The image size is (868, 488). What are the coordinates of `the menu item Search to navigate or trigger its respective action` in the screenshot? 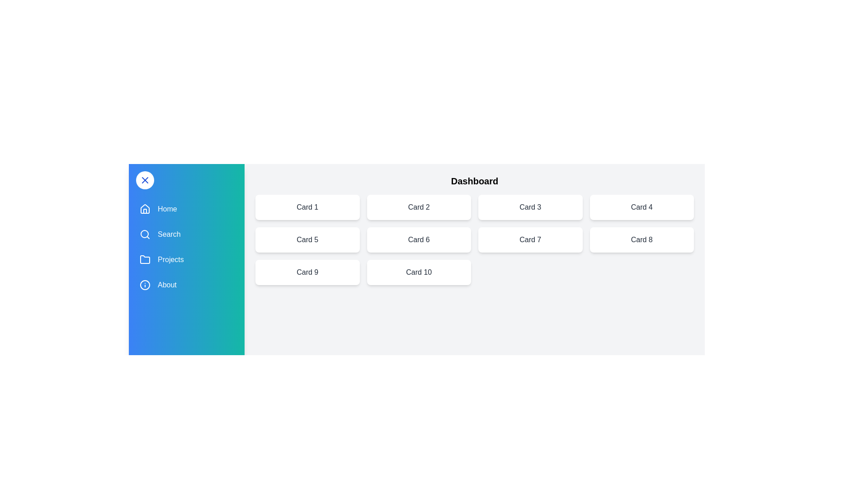 It's located at (186, 234).